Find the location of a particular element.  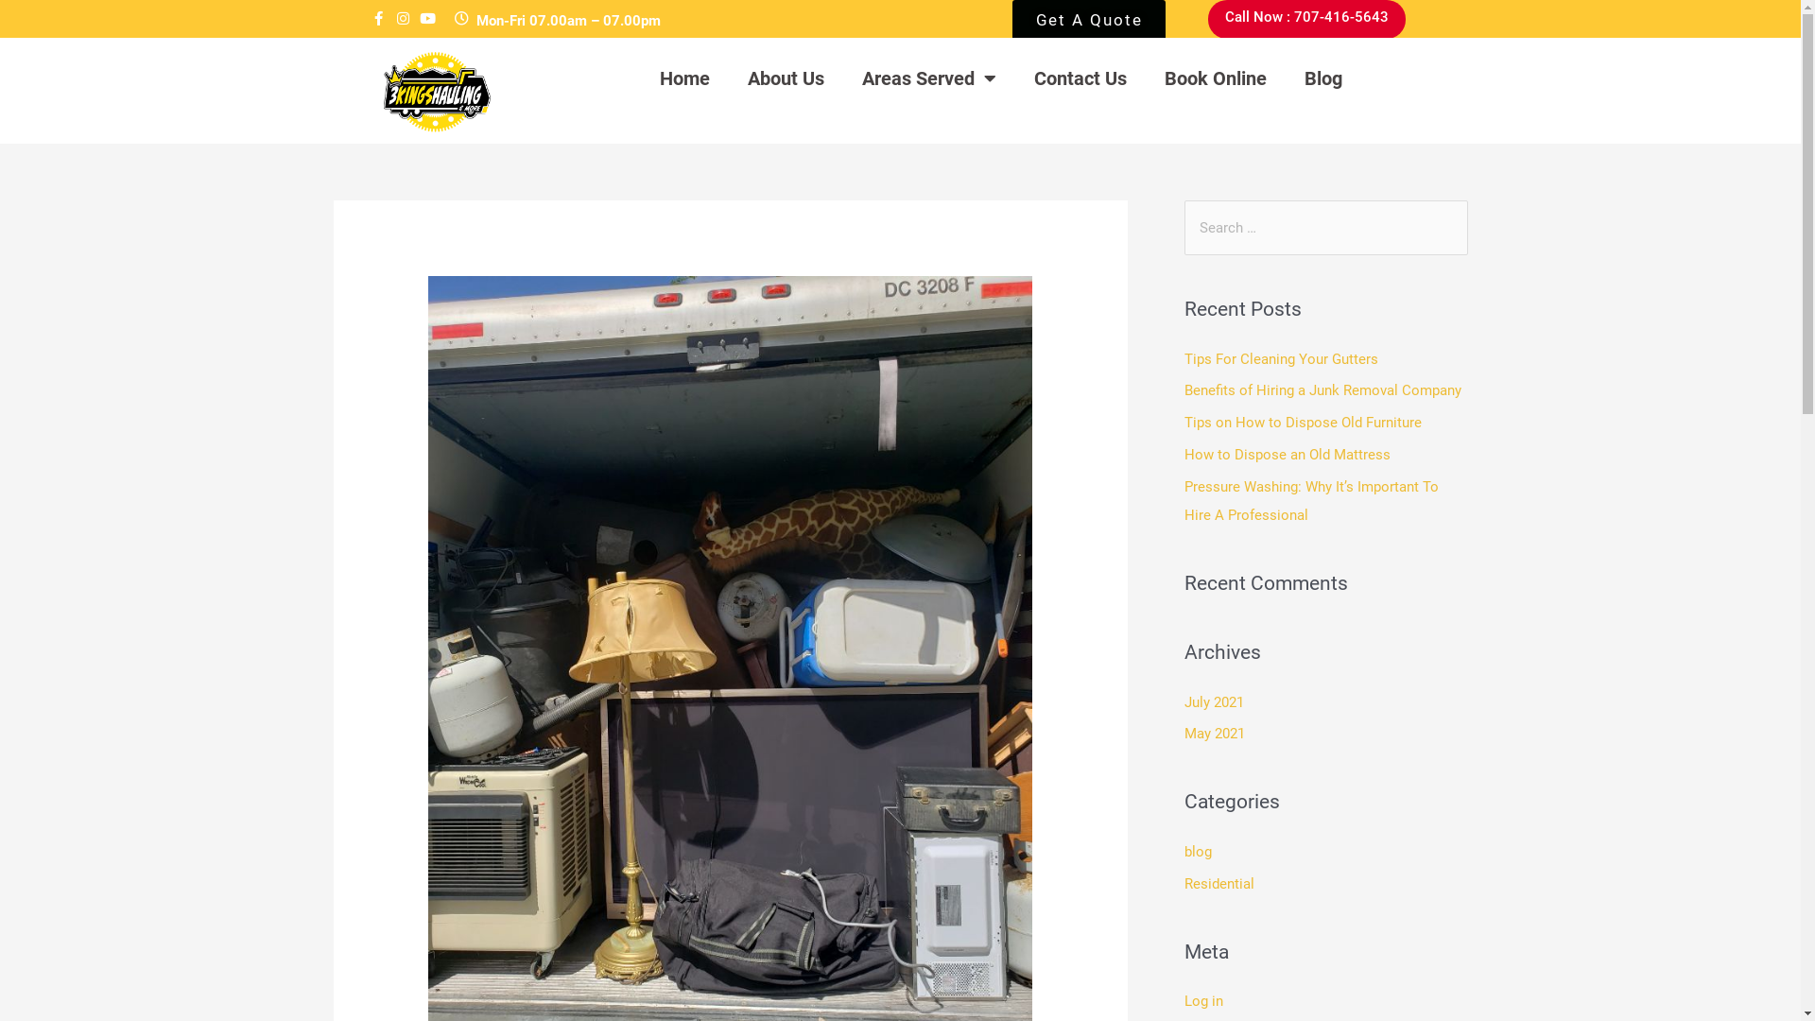

'Residential' is located at coordinates (1219, 883).